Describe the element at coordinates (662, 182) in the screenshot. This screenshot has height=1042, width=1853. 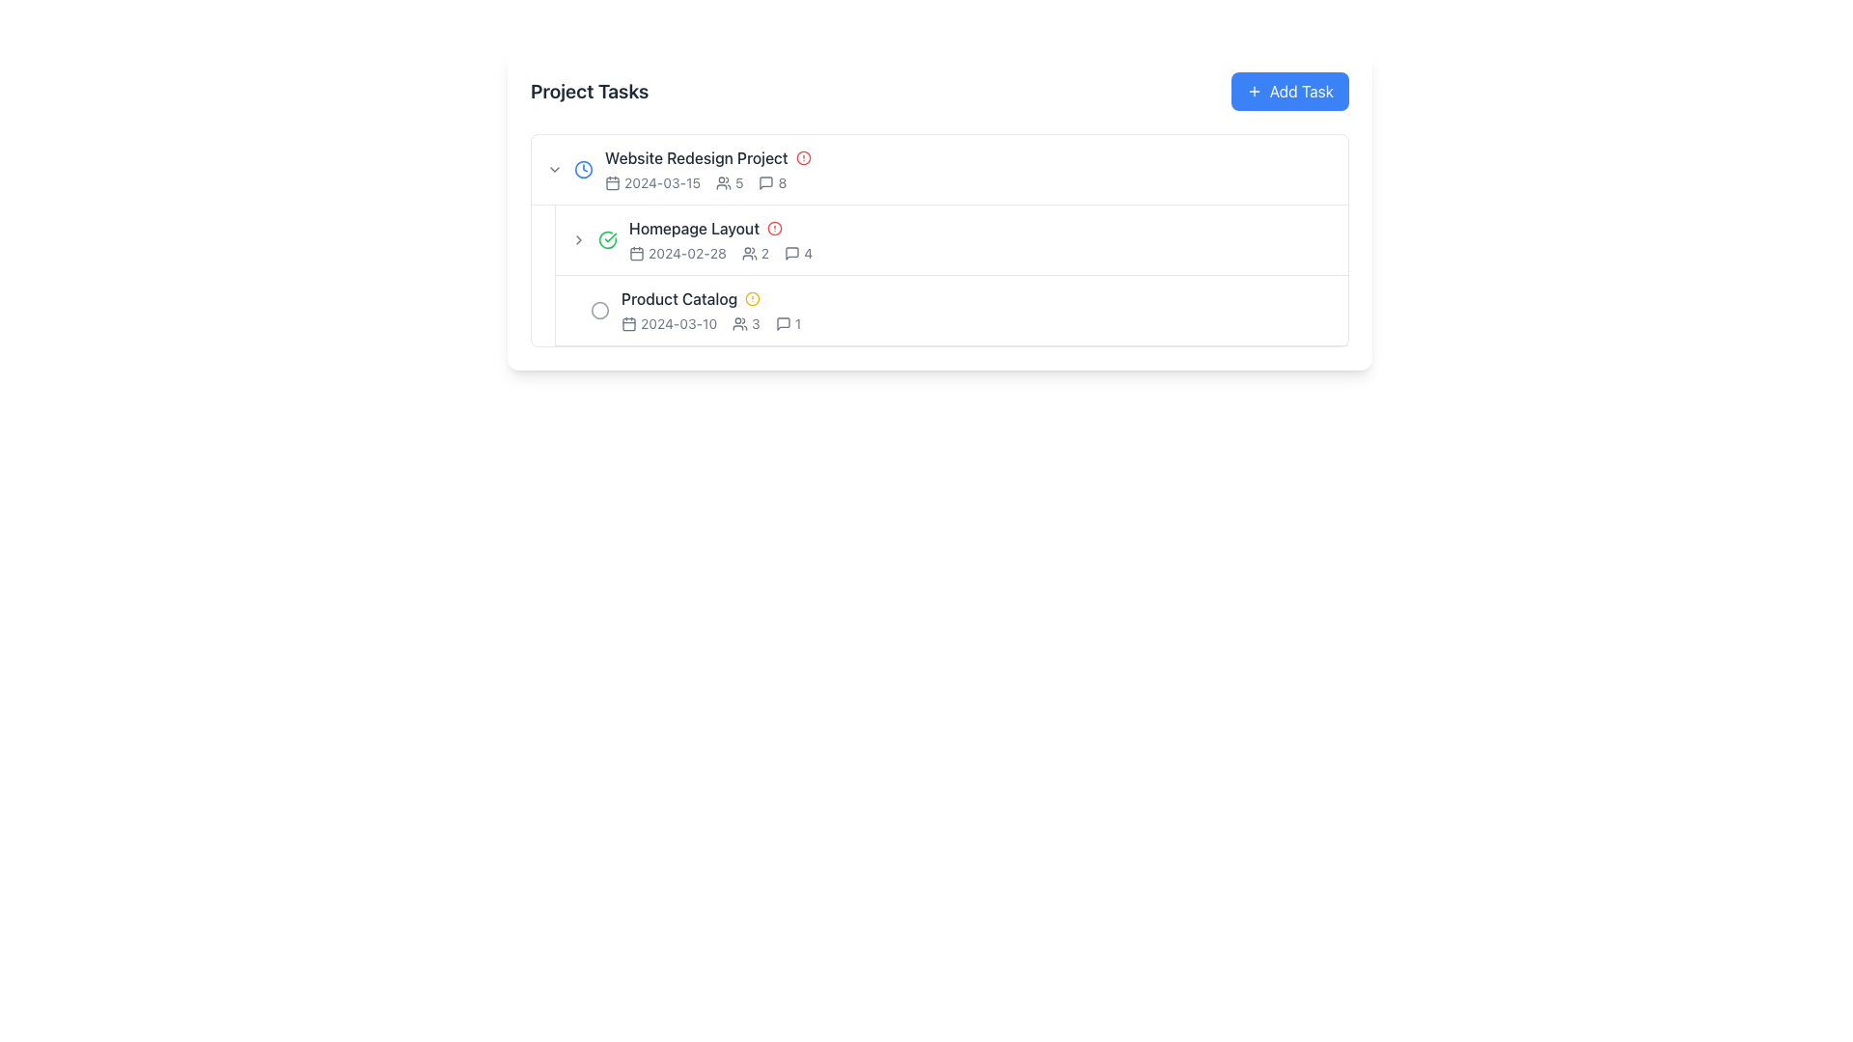
I see `the static text element displaying the due date '2024-03-15' for the 'Website Redesign Project' task entry, which is positioned to the right of the calendar icon` at that location.